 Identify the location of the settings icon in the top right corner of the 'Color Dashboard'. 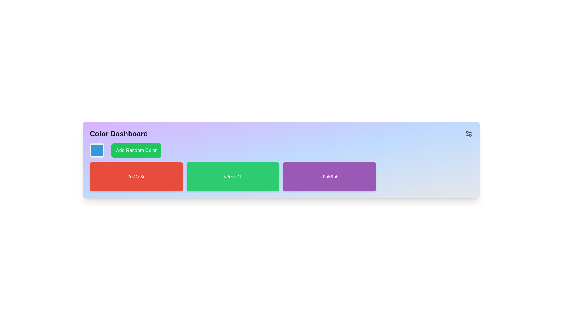
(468, 133).